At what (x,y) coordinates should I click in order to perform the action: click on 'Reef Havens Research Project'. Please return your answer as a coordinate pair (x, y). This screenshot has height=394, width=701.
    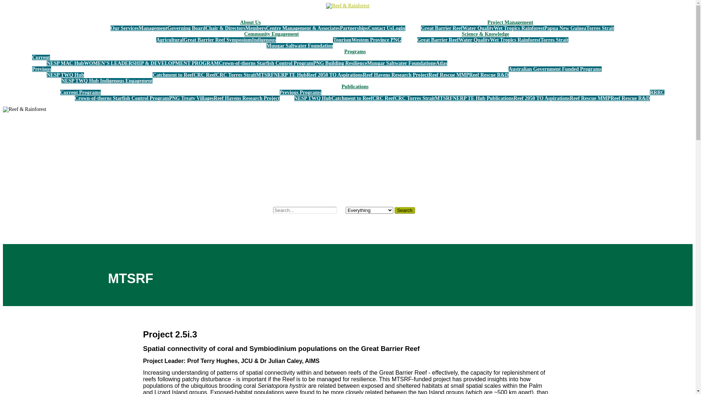
    Looking at the image, I should click on (395, 75).